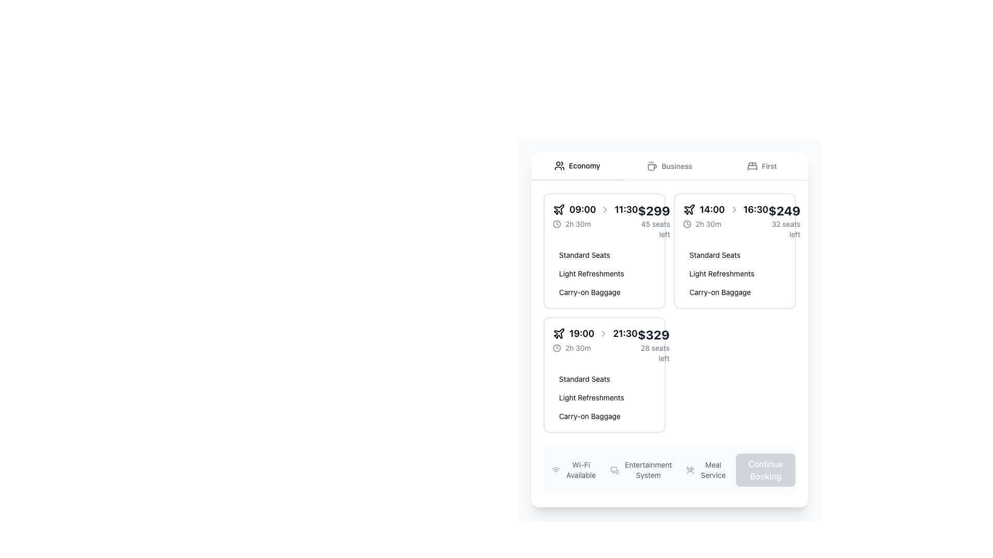 This screenshot has width=993, height=558. I want to click on the text label displaying 'first', which is styled with a 'capitalize' class and is located in the top-right section of the interface, next to a bed icon, so click(769, 165).